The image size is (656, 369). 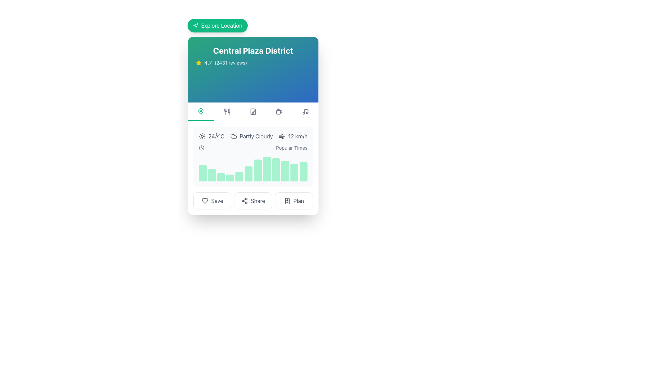 I want to click on the bookmark icon with a plus symbol located in the row of action buttons at the bottom of the card component to initiate a save or bookmark action, so click(x=287, y=200).